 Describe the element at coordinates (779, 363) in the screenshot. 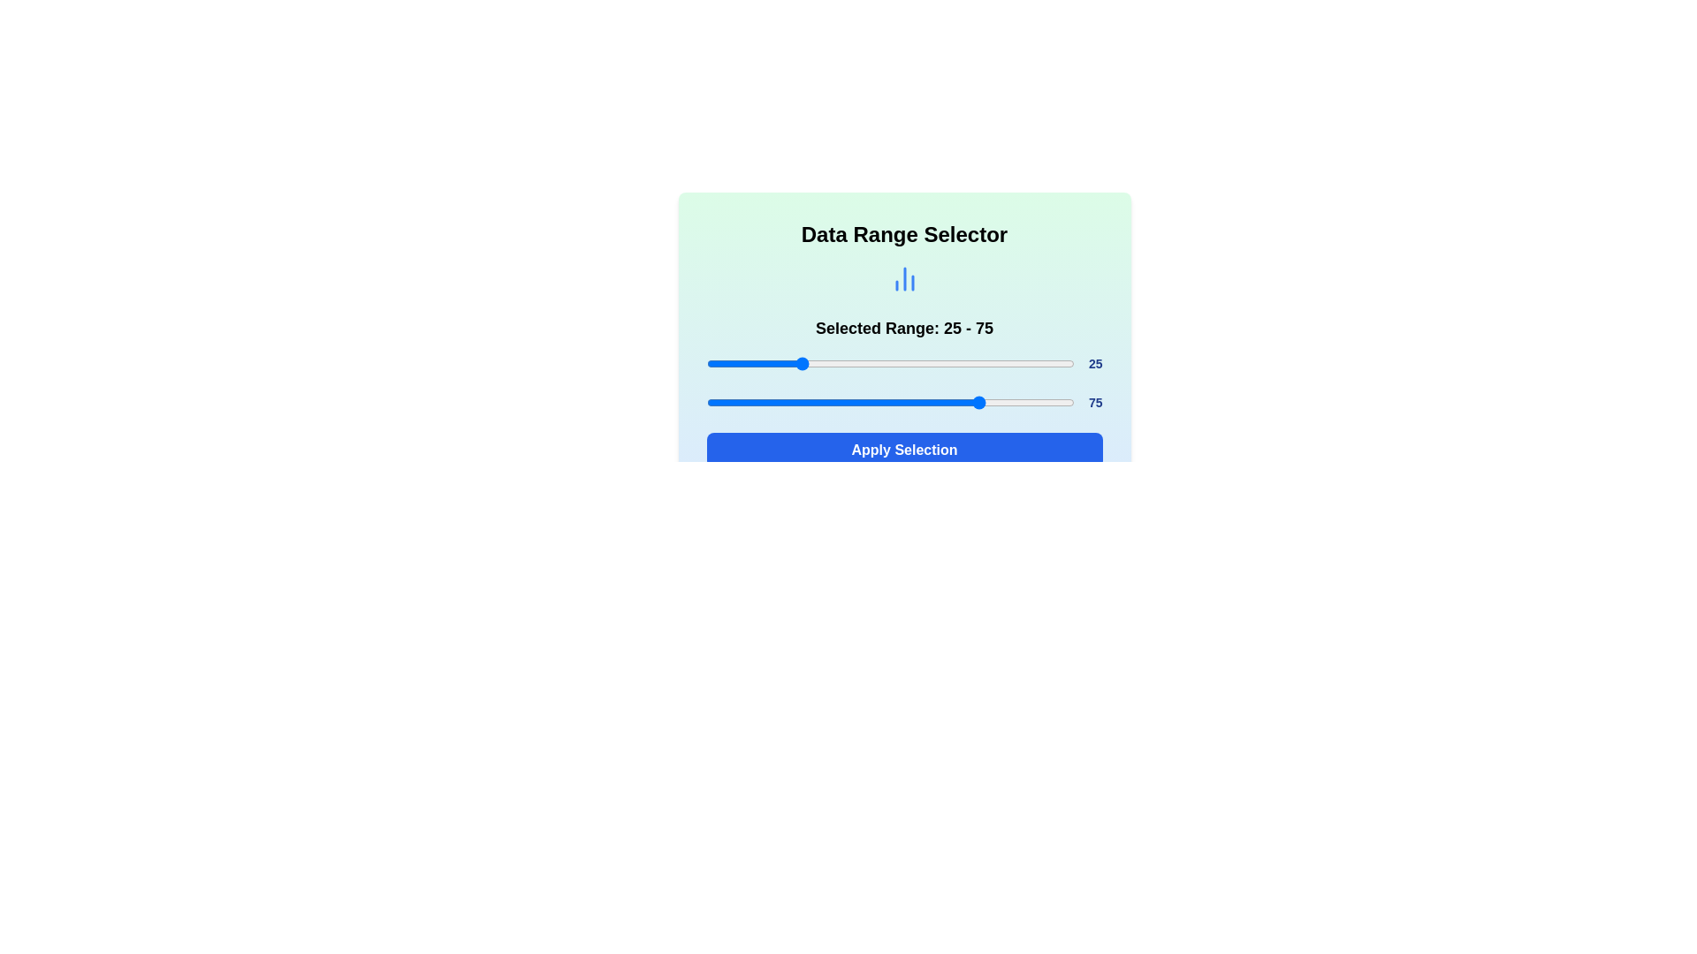

I see `the slider to set its value to 20` at that location.